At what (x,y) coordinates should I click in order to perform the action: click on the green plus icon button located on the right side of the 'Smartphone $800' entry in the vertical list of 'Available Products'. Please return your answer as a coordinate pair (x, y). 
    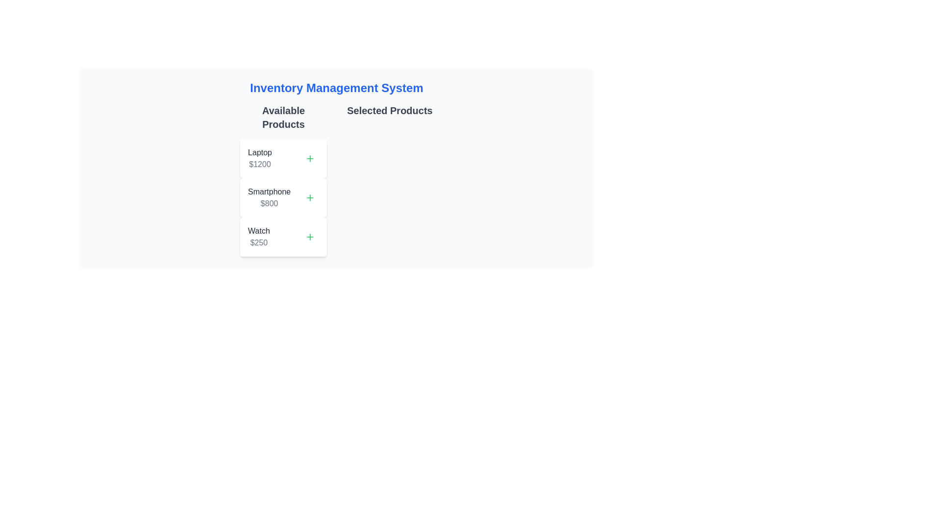
    Looking at the image, I should click on (310, 198).